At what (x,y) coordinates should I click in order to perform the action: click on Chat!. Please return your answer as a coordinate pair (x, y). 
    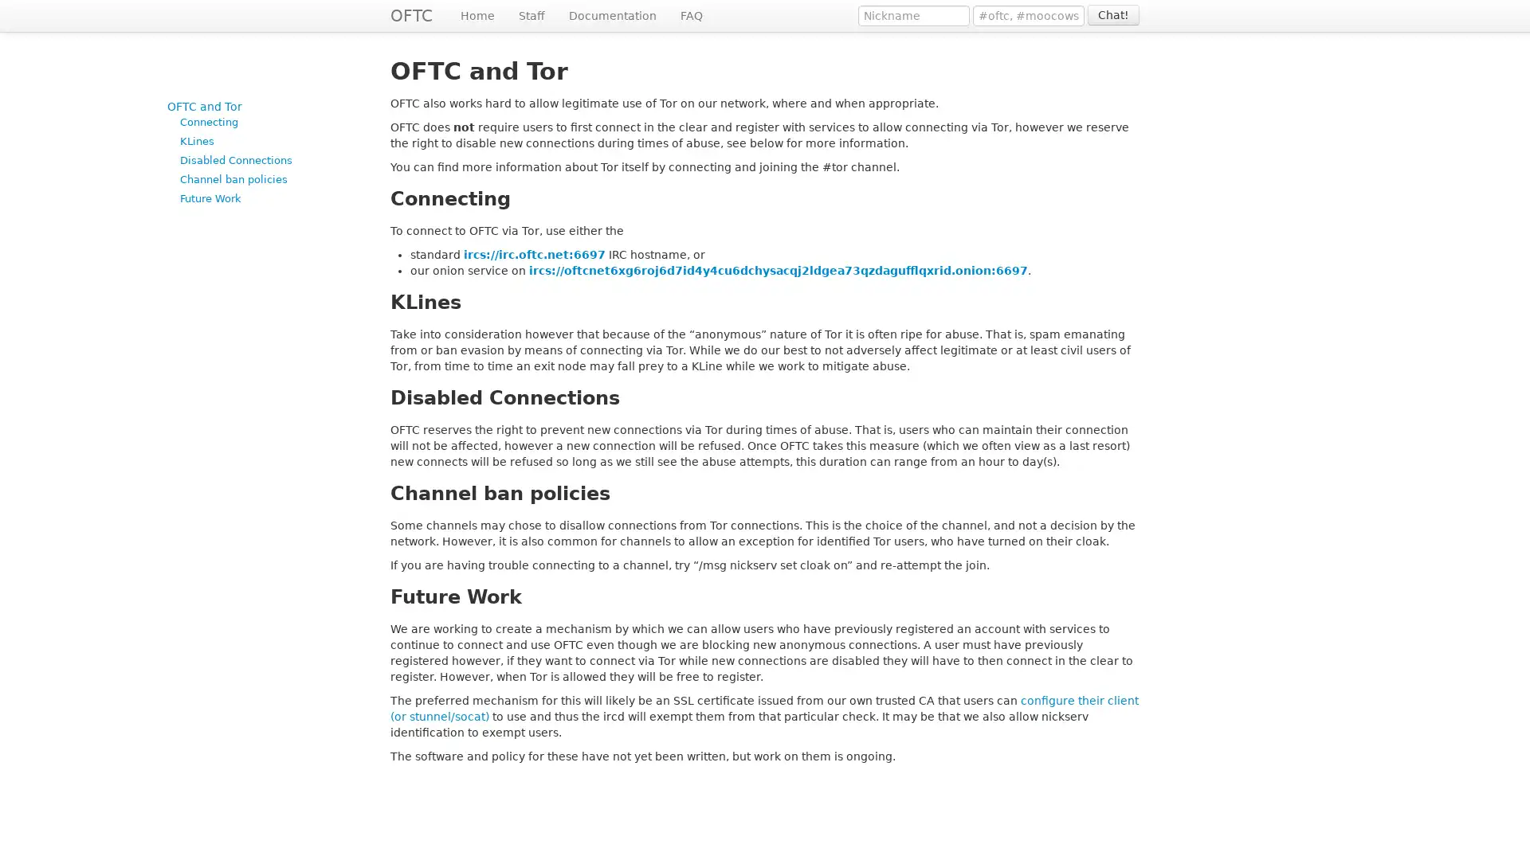
    Looking at the image, I should click on (1112, 15).